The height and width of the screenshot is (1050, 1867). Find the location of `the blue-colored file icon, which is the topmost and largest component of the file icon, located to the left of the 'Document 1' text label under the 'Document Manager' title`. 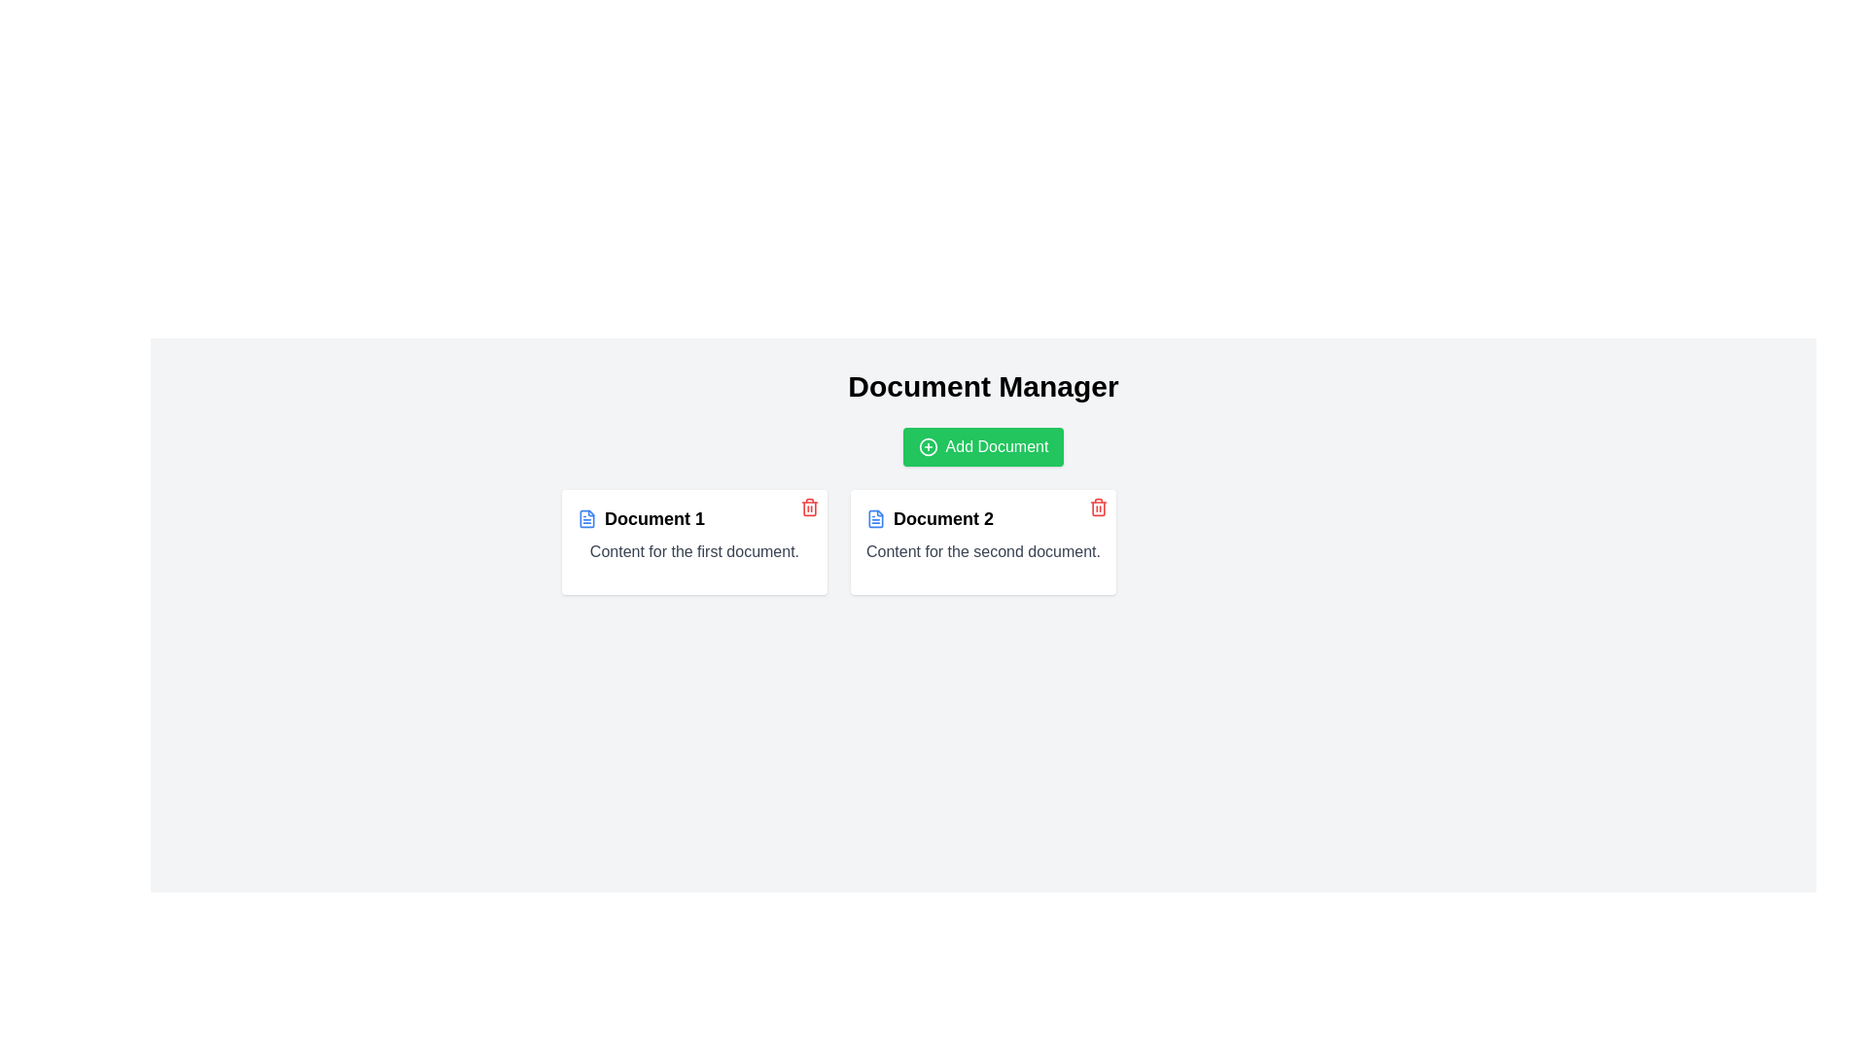

the blue-colored file icon, which is the topmost and largest component of the file icon, located to the left of the 'Document 1' text label under the 'Document Manager' title is located at coordinates (875, 517).